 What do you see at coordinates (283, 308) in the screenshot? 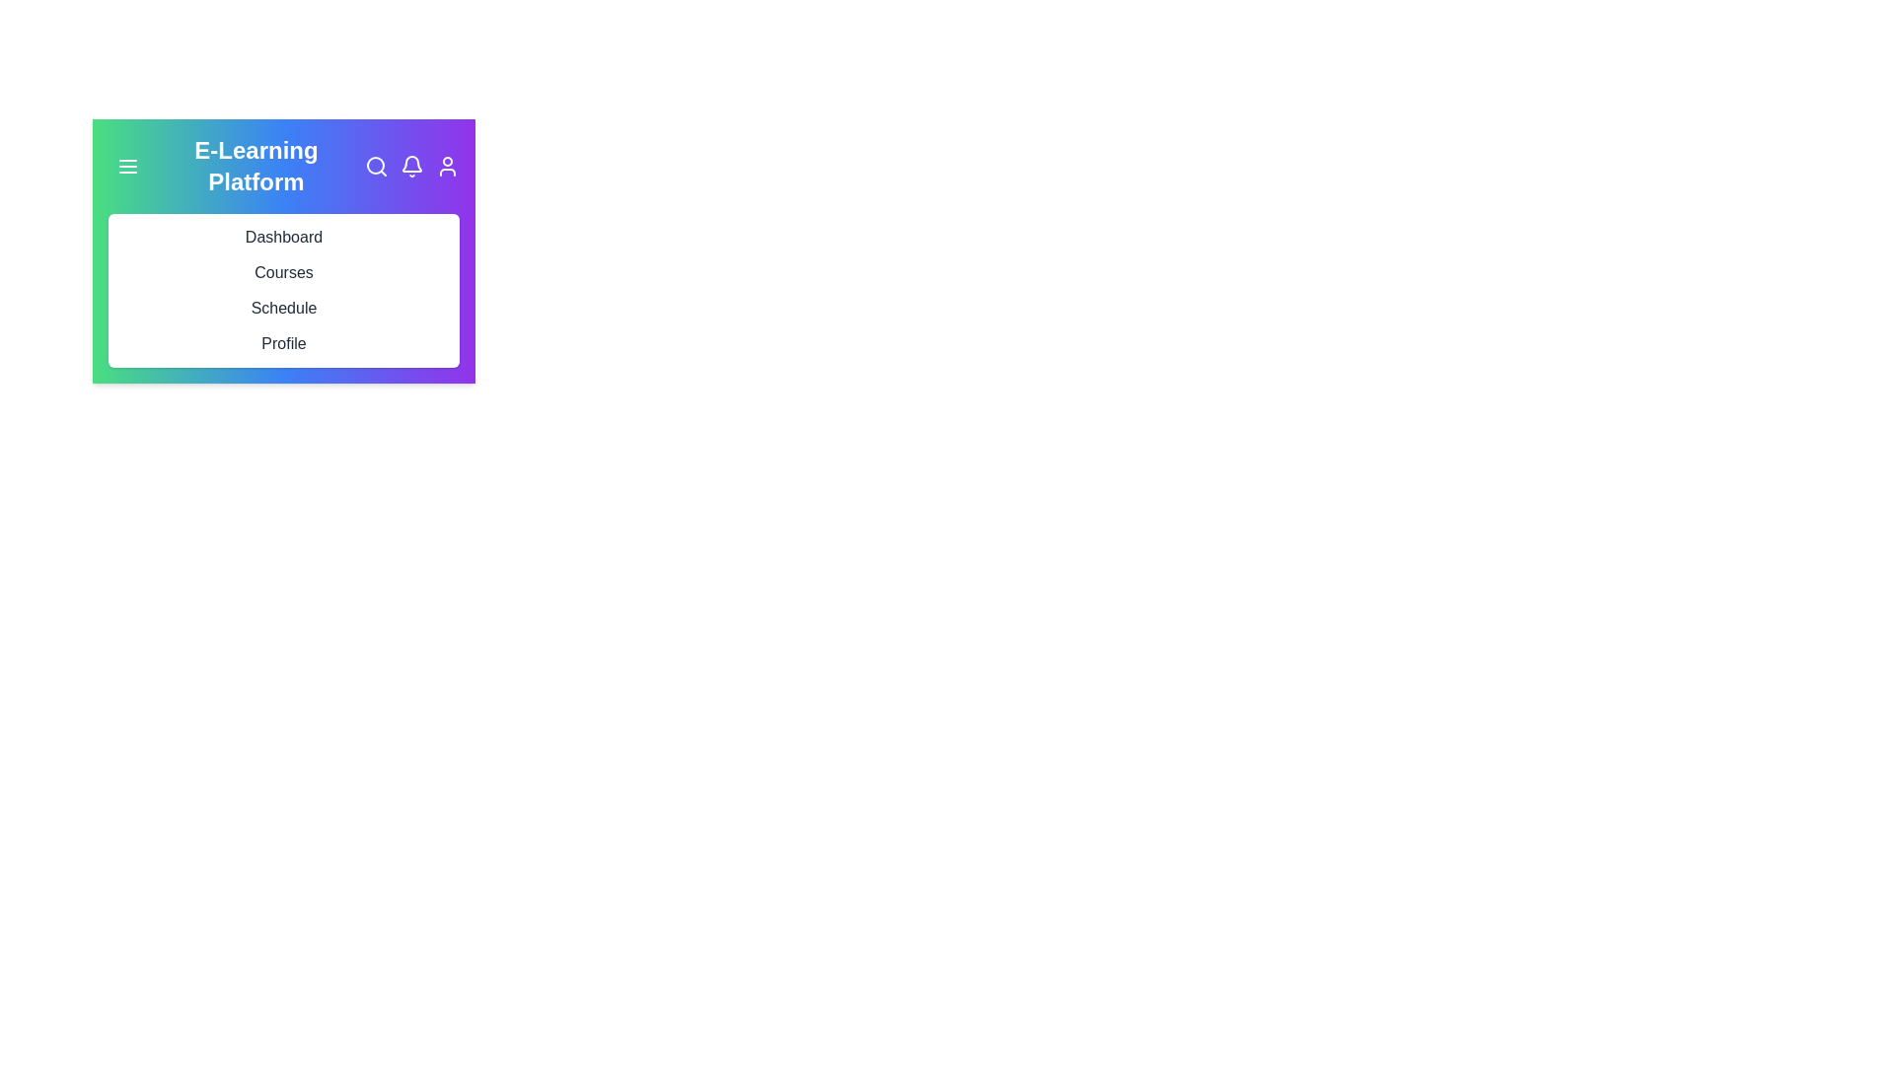
I see `the menu item corresponding to Schedule` at bounding box center [283, 308].